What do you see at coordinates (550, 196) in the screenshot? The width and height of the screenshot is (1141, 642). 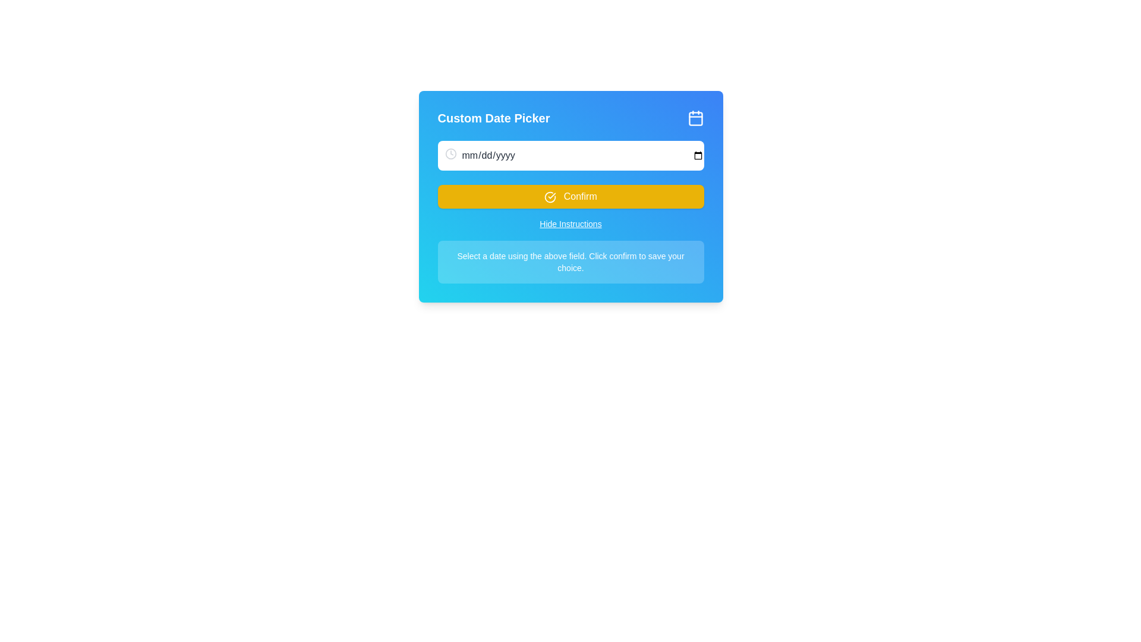 I see `the checkmark icon that indicates confirmation, located to the left of the 'Confirm' button` at bounding box center [550, 196].